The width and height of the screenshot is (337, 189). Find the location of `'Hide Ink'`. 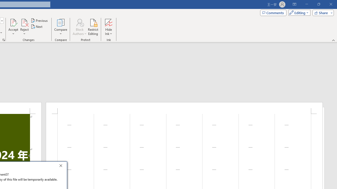

'Hide Ink' is located at coordinates (108, 22).